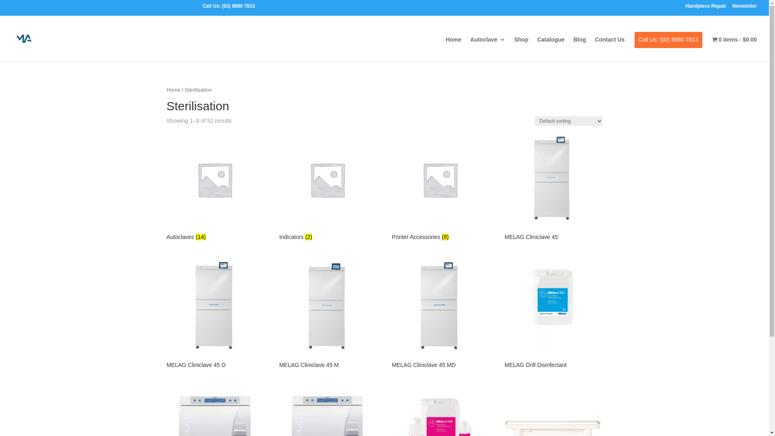  Describe the element at coordinates (705, 8) in the screenshot. I see `'Handpiece Repair'` at that location.